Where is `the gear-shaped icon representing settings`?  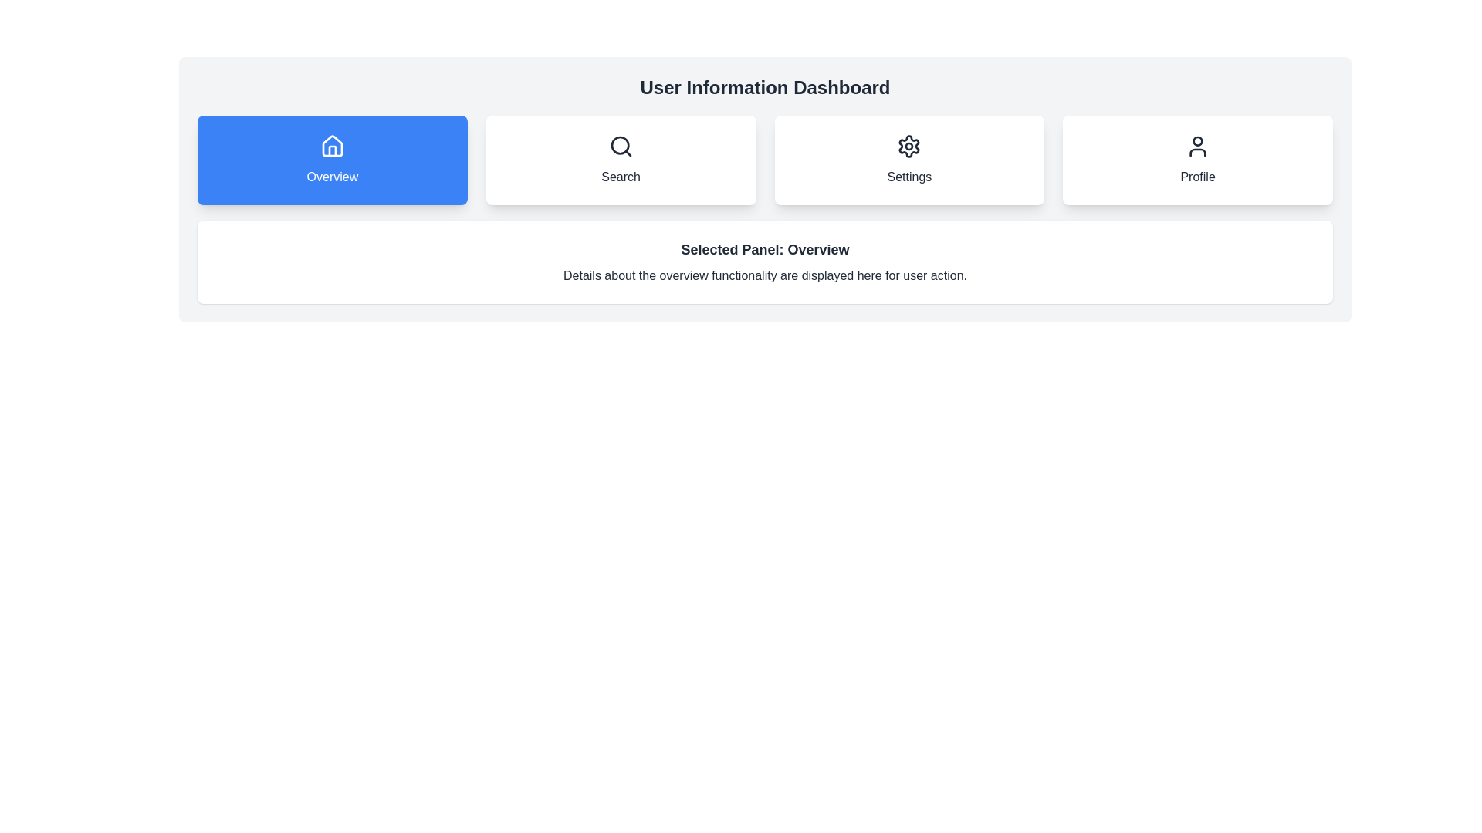 the gear-shaped icon representing settings is located at coordinates (908, 146).